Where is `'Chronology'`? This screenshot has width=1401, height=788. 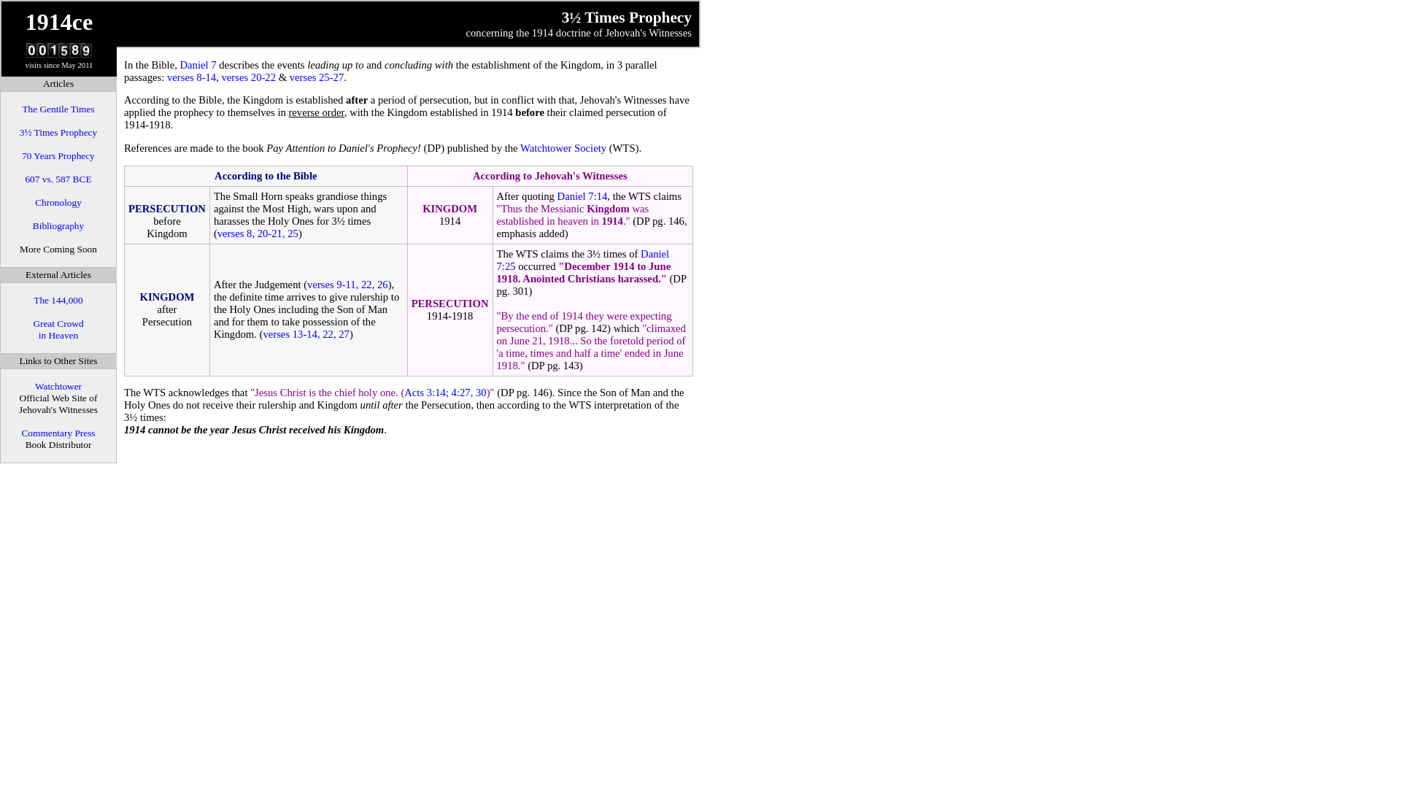 'Chronology' is located at coordinates (58, 202).